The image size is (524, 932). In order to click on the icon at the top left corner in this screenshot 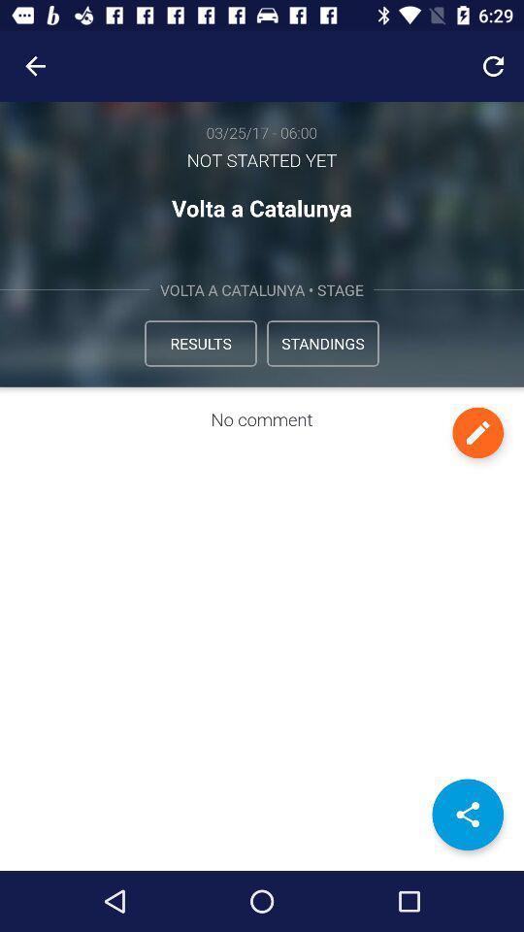, I will do `click(35, 66)`.